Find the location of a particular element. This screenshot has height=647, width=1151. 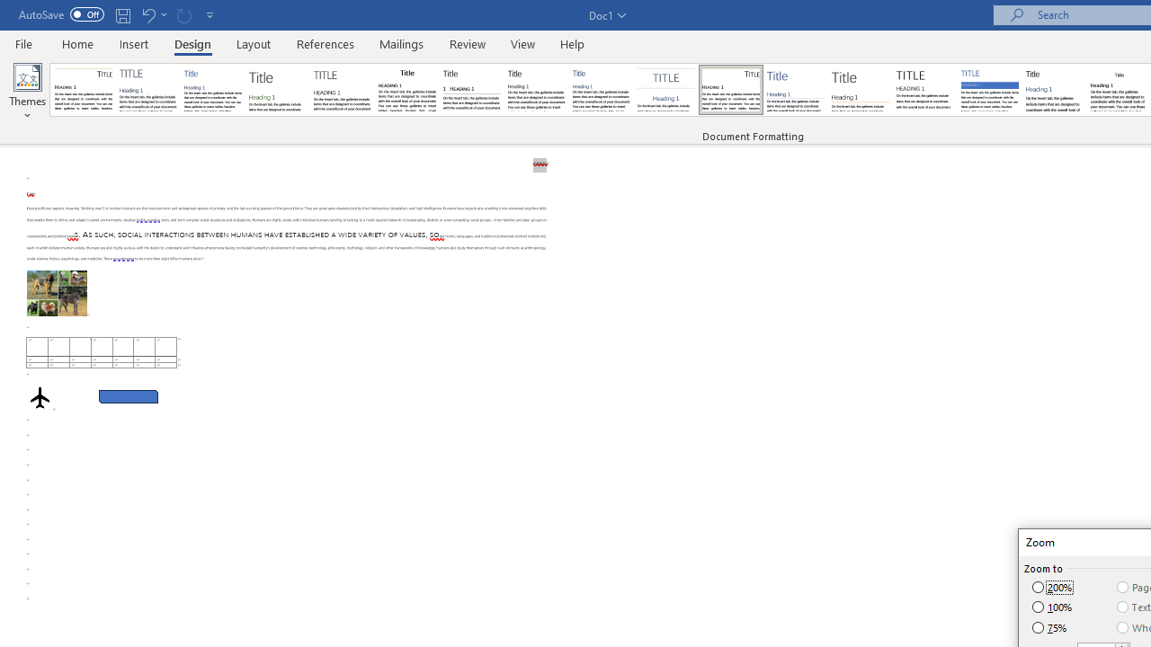

'Basic (Elegant)' is located at coordinates (148, 90).